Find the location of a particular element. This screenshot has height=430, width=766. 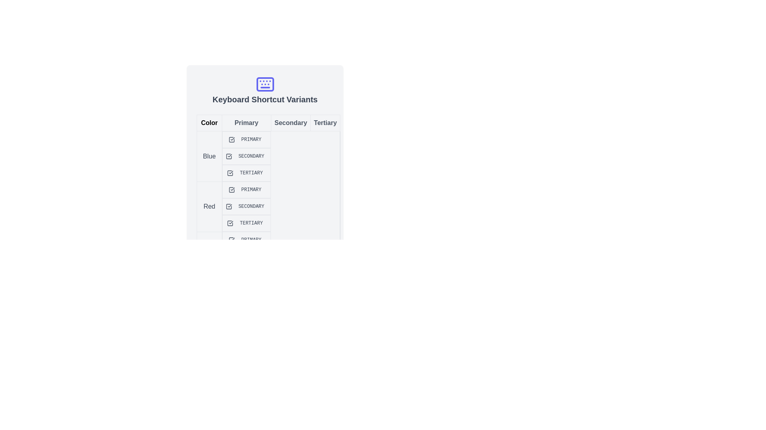

the green badge labeled 'Primary' located in the 'Red' section of the table is located at coordinates (246, 239).